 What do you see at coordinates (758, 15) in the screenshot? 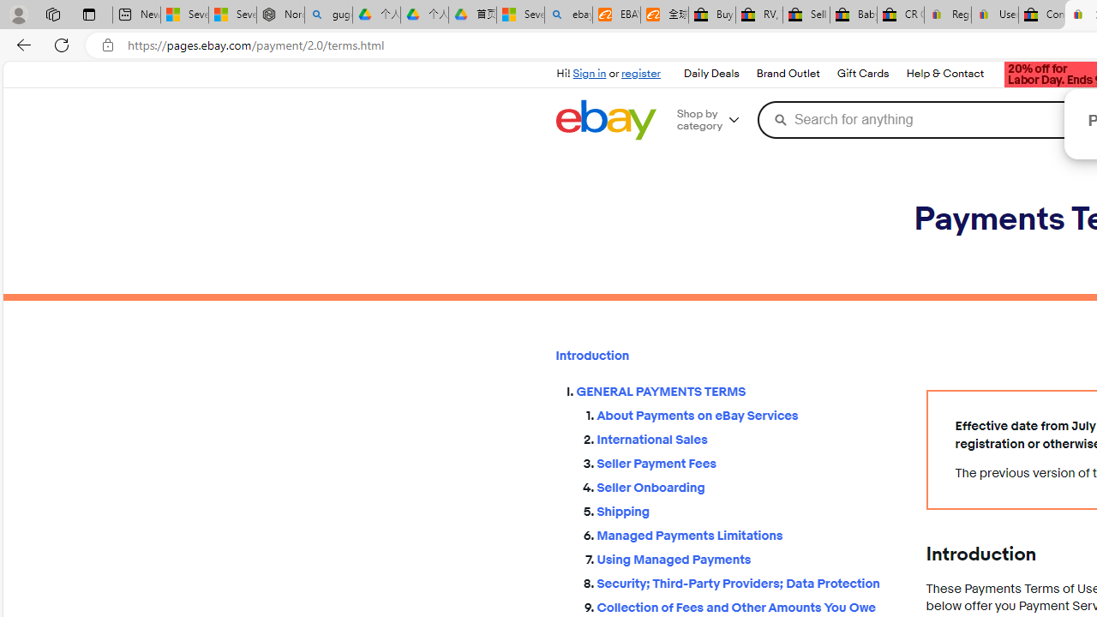
I see `'RV, Trailer & Camper Steps & Ladders for sale | eBay'` at bounding box center [758, 15].